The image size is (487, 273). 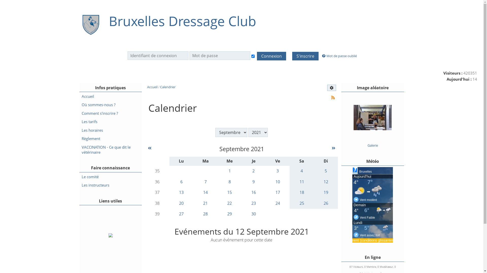 What do you see at coordinates (372, 138) in the screenshot?
I see `'Concours Intime'` at bounding box center [372, 138].